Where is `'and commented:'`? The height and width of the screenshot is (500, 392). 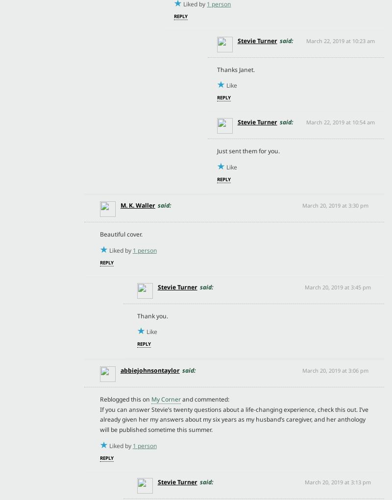
'and commented:' is located at coordinates (180, 399).